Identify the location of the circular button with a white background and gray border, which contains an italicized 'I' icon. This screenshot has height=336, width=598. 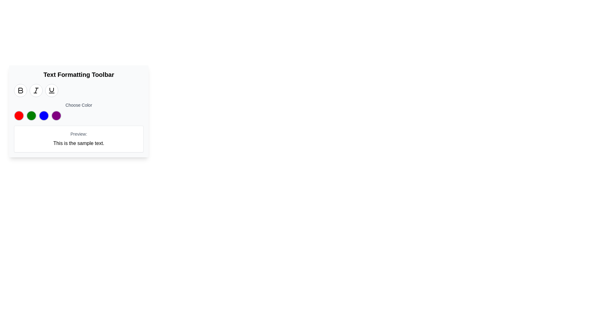
(36, 90).